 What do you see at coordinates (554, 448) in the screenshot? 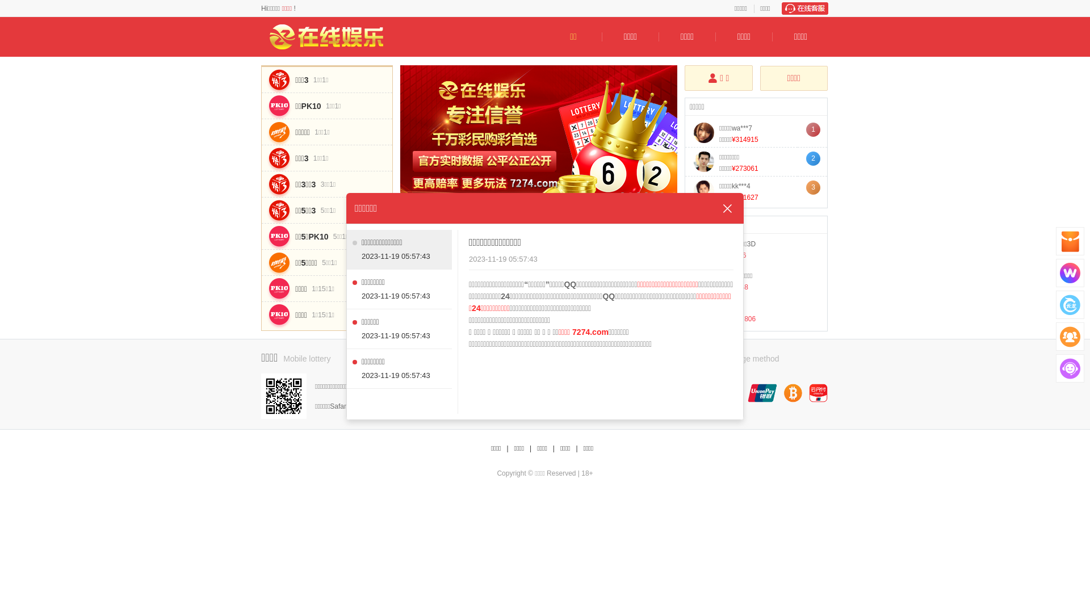
I see `'|'` at bounding box center [554, 448].